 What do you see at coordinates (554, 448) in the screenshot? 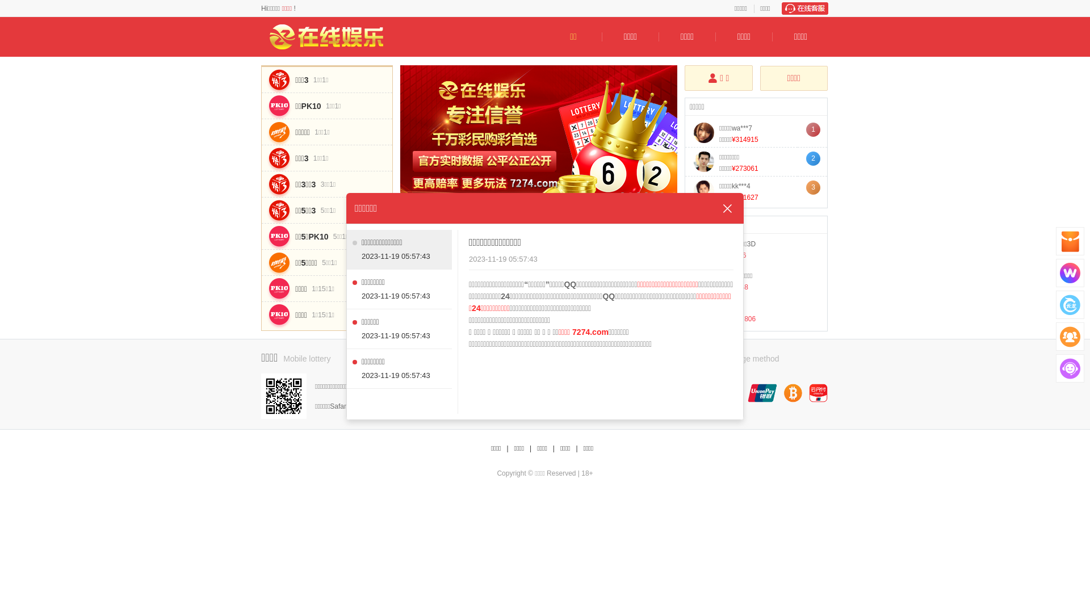
I see `'|'` at bounding box center [554, 448].